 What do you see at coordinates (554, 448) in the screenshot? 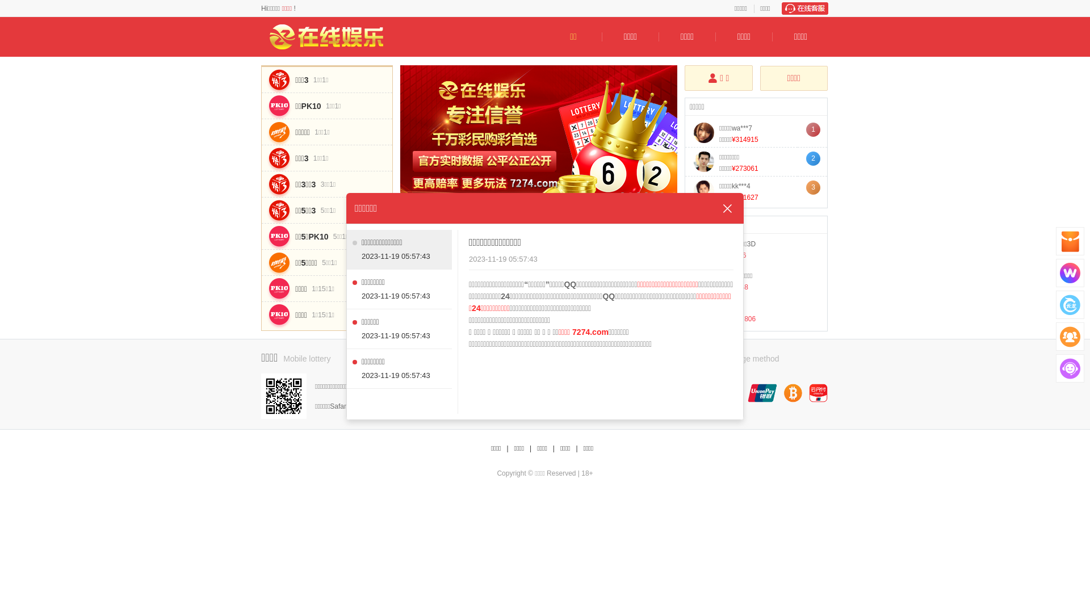
I see `'|'` at bounding box center [554, 448].